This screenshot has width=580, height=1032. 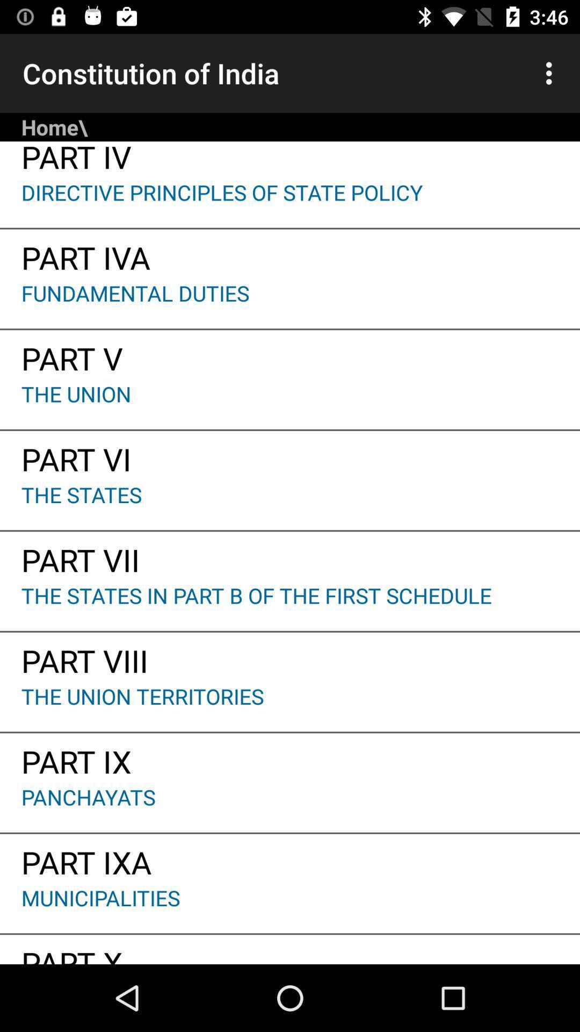 What do you see at coordinates (290, 253) in the screenshot?
I see `the icon below the directive principles of icon` at bounding box center [290, 253].